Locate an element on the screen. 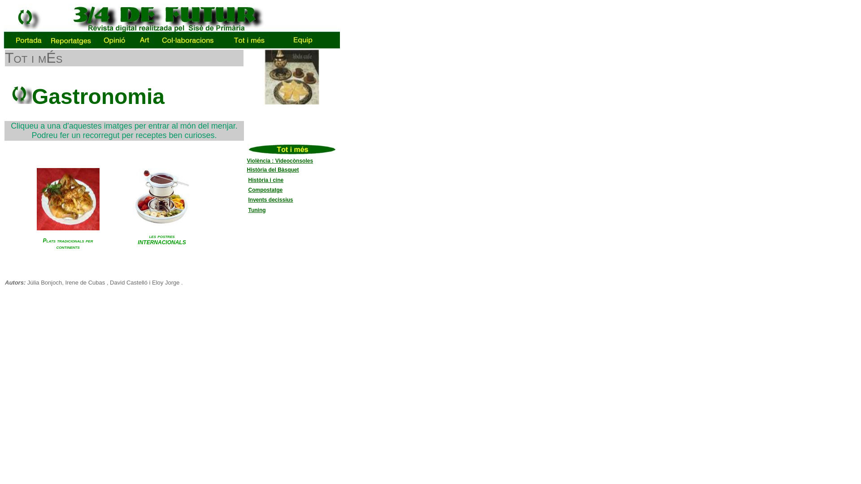 The image size is (861, 484). 'Compostatge' is located at coordinates (265, 190).